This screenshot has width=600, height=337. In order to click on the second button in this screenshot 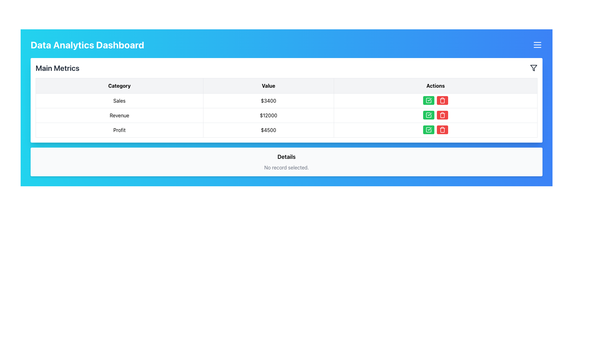, I will do `click(442, 100)`.